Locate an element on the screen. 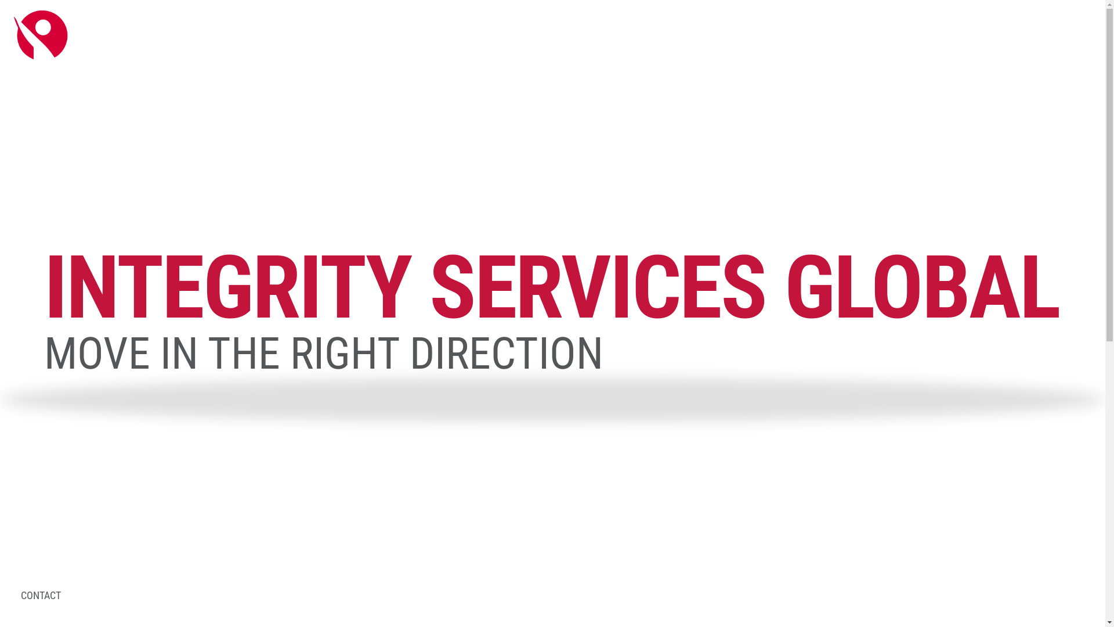  'CONTACT' is located at coordinates (48, 596).